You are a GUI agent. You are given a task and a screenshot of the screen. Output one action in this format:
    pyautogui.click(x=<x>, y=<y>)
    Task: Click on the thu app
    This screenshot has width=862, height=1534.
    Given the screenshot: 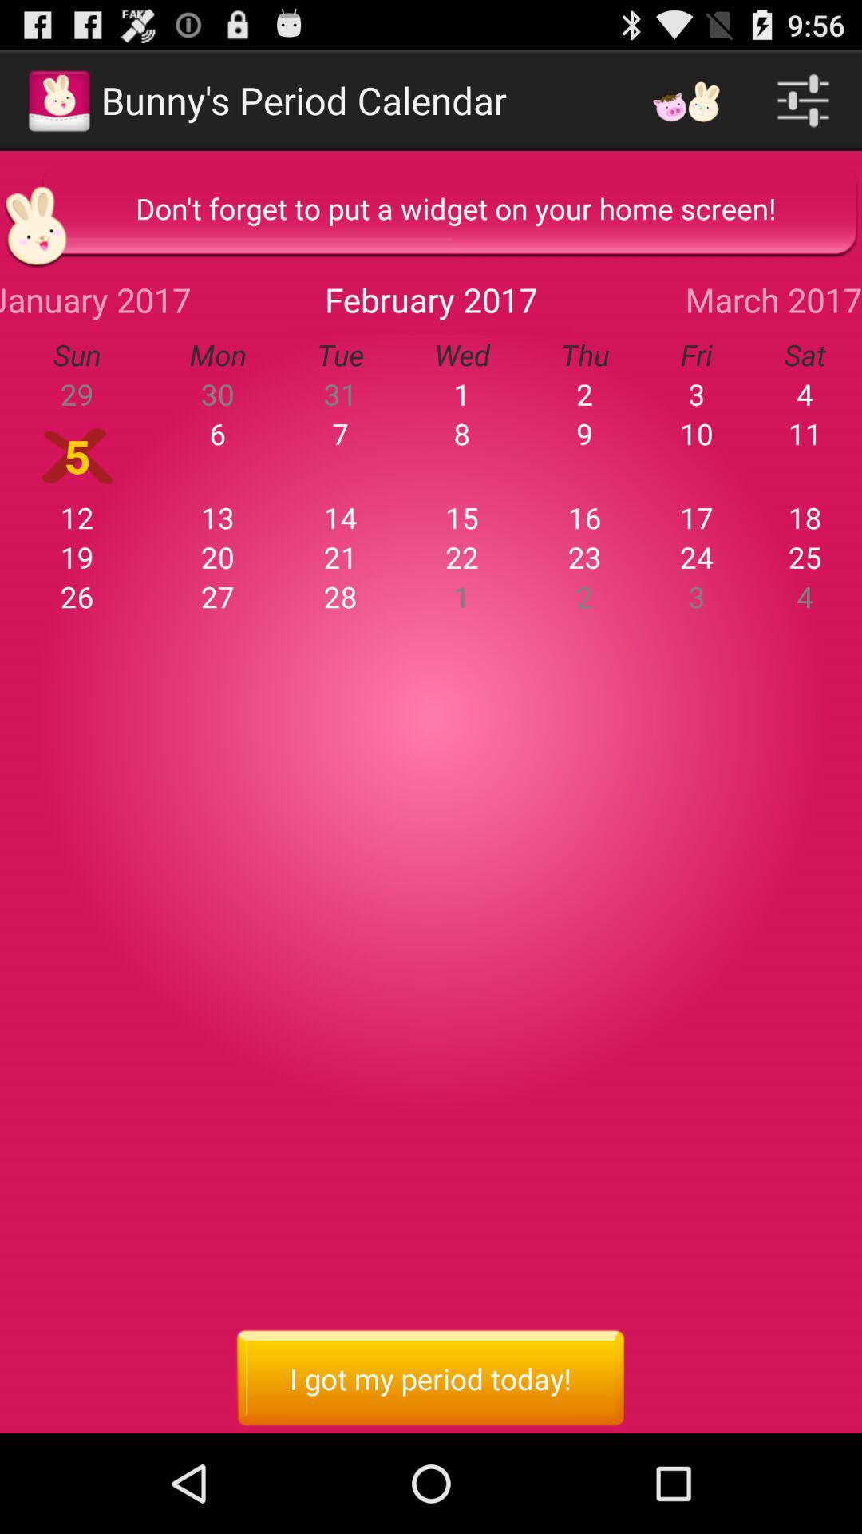 What is the action you would take?
    pyautogui.click(x=585, y=354)
    